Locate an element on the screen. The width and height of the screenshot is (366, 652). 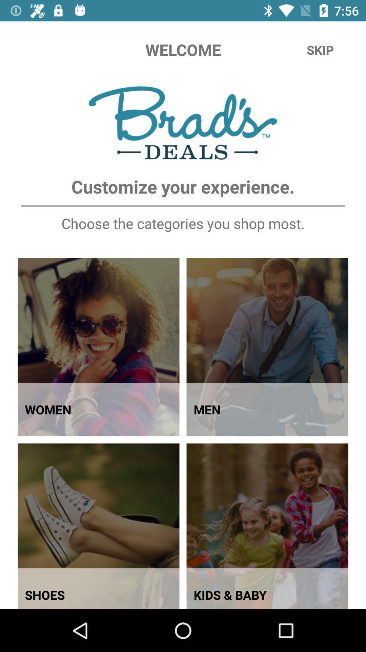
men image is located at coordinates (267, 347).